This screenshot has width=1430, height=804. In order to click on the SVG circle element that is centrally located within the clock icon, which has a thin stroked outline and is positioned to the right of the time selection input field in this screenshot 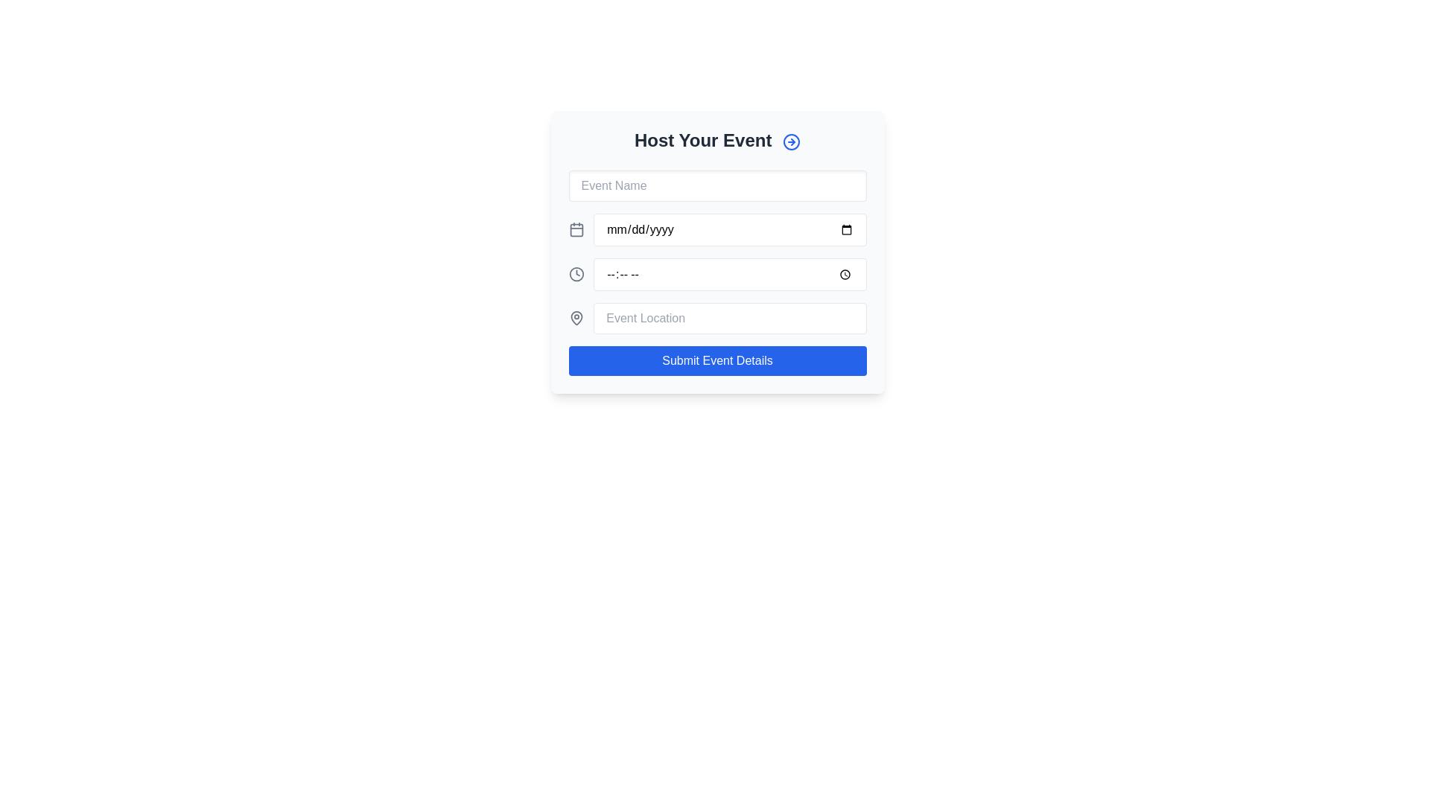, I will do `click(576, 275)`.